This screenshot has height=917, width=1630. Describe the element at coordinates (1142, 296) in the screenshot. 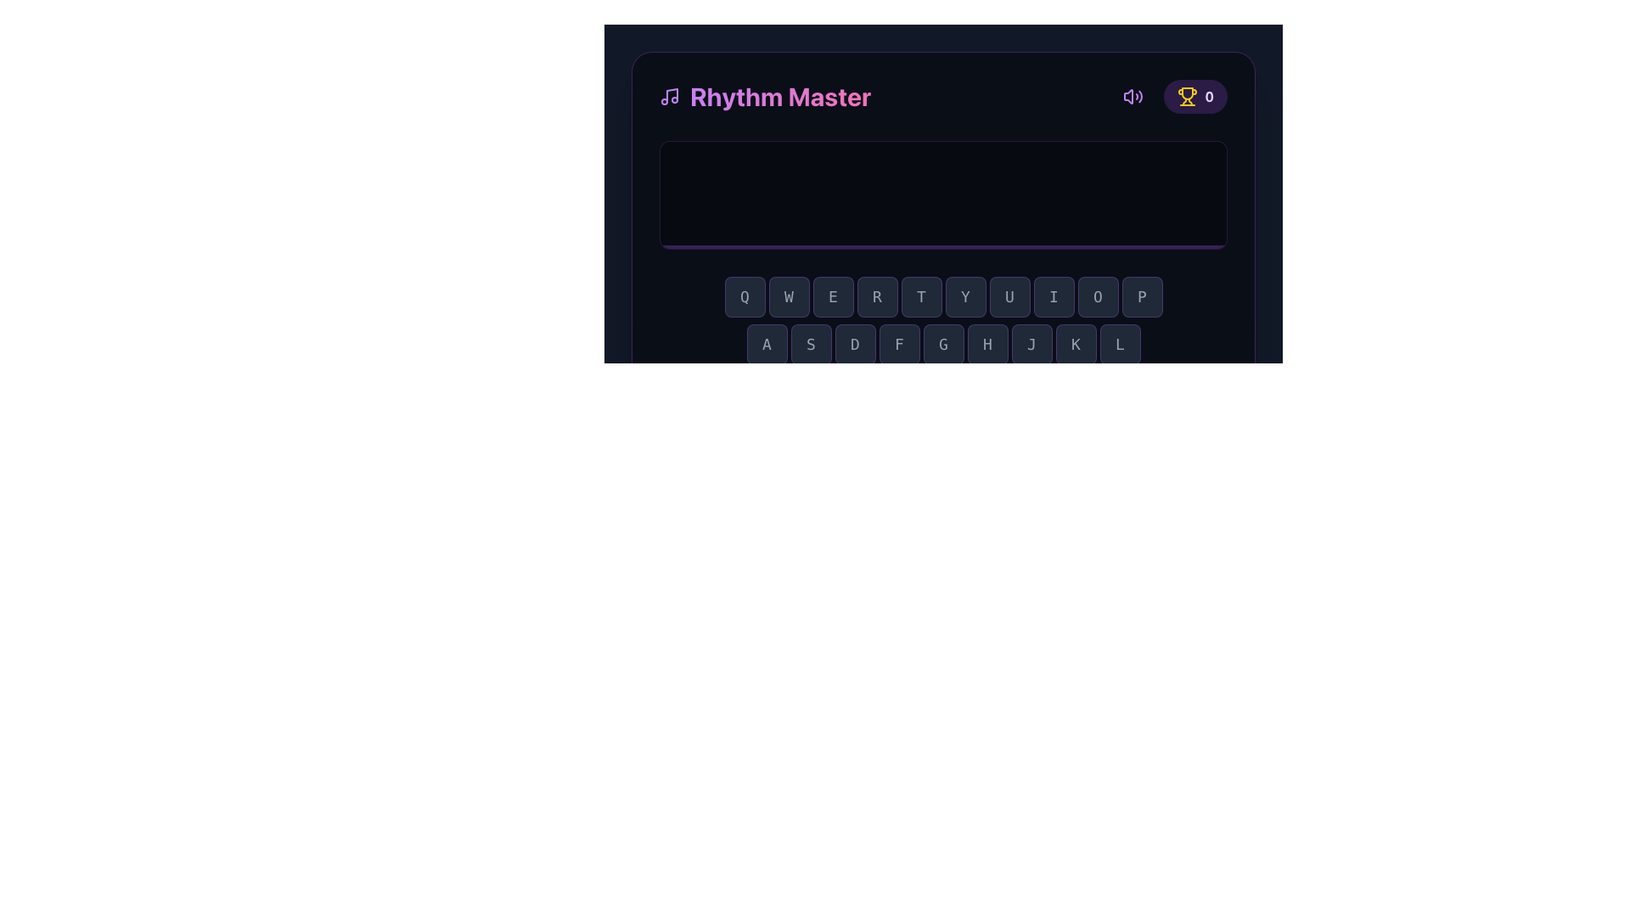

I see `the rounded, square button with a dark gray background displaying the letter 'P'` at that location.